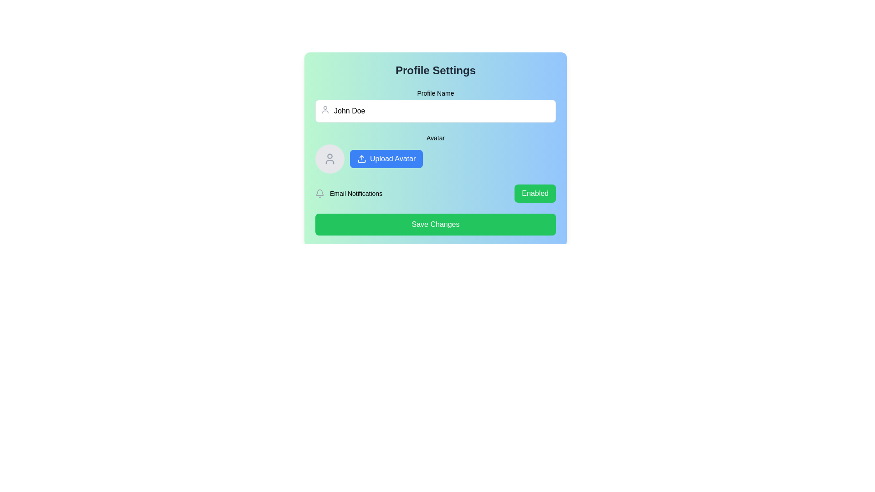  What do you see at coordinates (435, 225) in the screenshot?
I see `the 'Save Changes' button, which is a rectangular button with white text on a green background located at the bottom of the 'Profile Settings' section beneath 'Email Notifications'` at bounding box center [435, 225].